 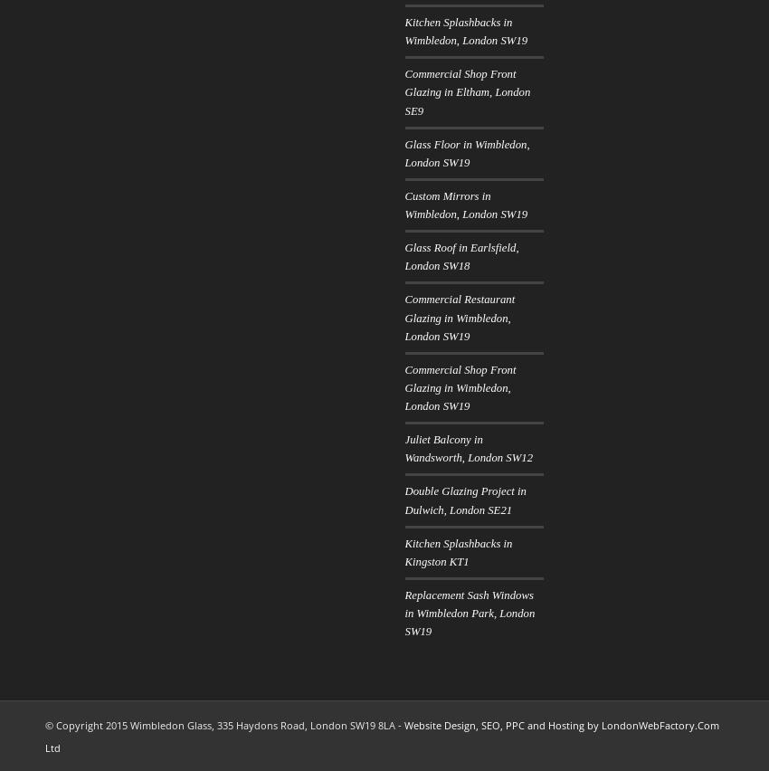 What do you see at coordinates (458, 552) in the screenshot?
I see `'Kitchen Splashbacks in Kingston KT1'` at bounding box center [458, 552].